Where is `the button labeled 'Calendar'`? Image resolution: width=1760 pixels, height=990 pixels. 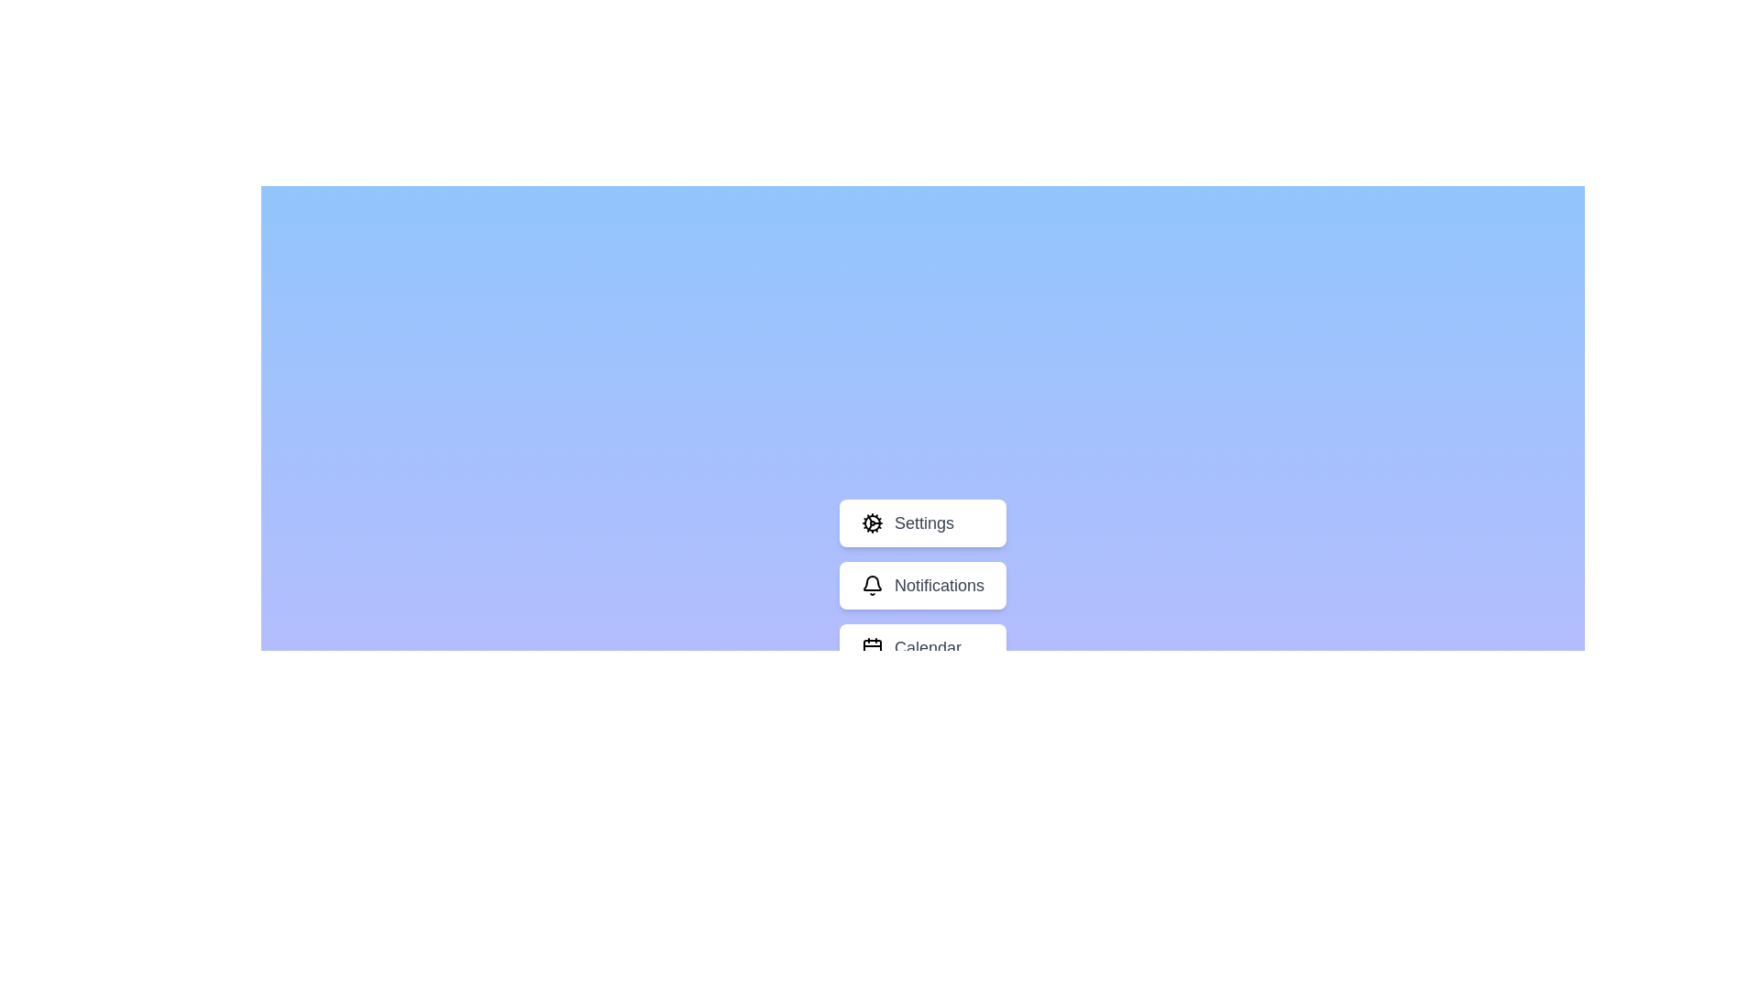 the button labeled 'Calendar' is located at coordinates (923, 646).